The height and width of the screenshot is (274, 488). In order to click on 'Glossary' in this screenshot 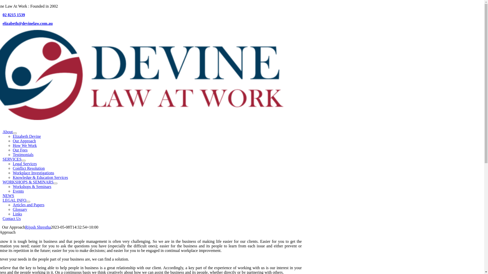, I will do `click(20, 209)`.